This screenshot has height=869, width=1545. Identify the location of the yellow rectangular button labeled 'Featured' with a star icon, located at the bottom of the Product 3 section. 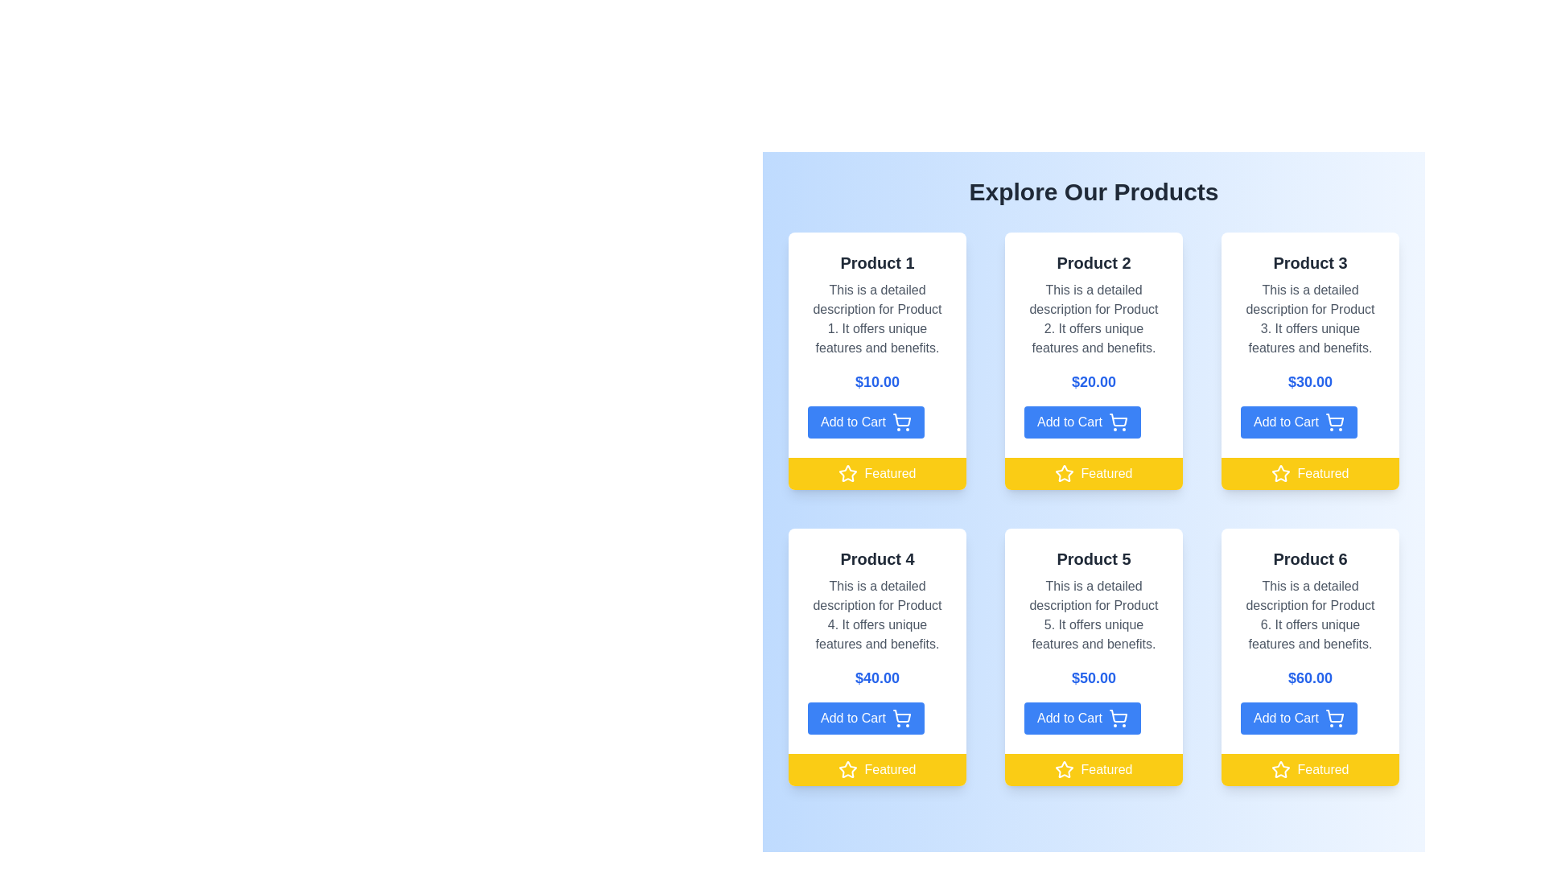
(1310, 473).